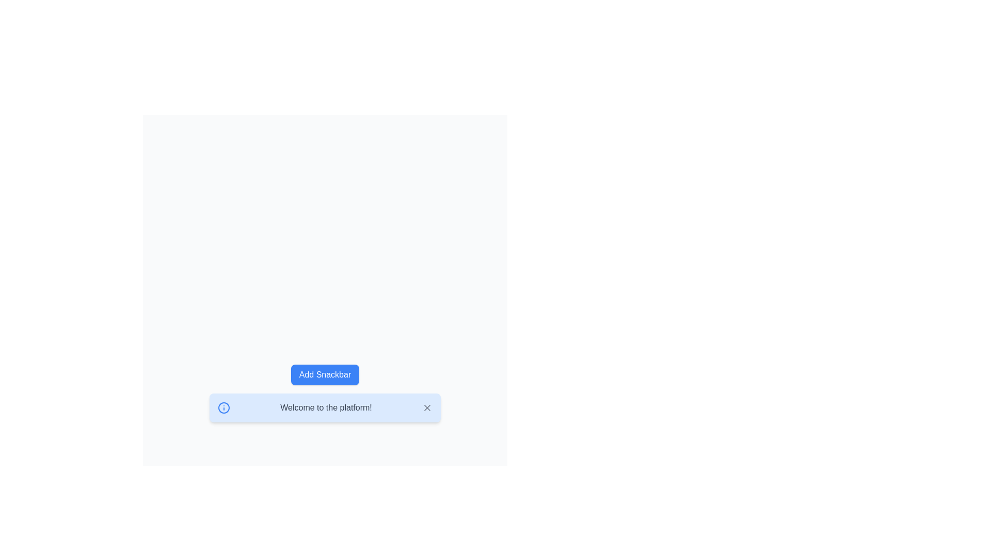 The height and width of the screenshot is (557, 991). What do you see at coordinates (427, 407) in the screenshot?
I see `close button on the snackbar to dismiss it` at bounding box center [427, 407].